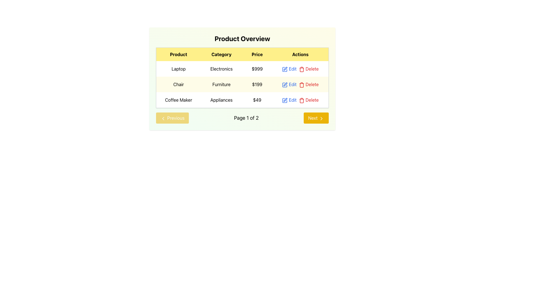 The height and width of the screenshot is (300, 534). Describe the element at coordinates (178, 100) in the screenshot. I see `the text label displaying 'Coffee Maker' located in the first column of the third row in the product table` at that location.